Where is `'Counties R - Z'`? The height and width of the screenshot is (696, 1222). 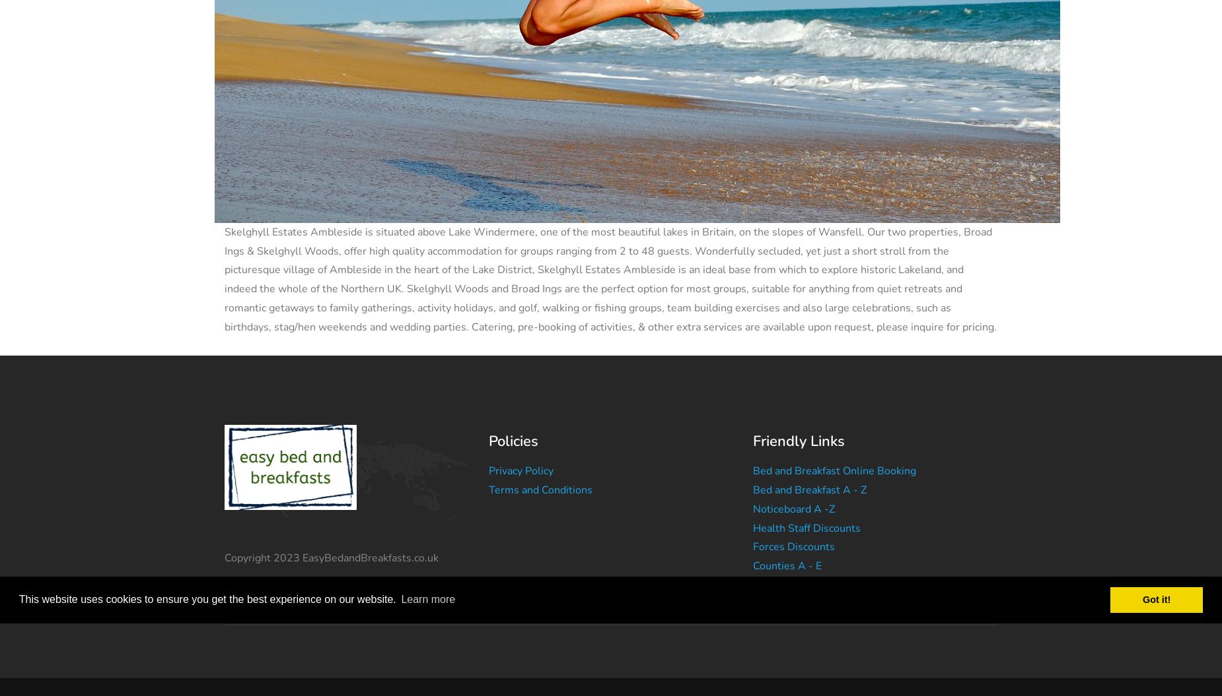 'Counties R - Z' is located at coordinates (786, 603).